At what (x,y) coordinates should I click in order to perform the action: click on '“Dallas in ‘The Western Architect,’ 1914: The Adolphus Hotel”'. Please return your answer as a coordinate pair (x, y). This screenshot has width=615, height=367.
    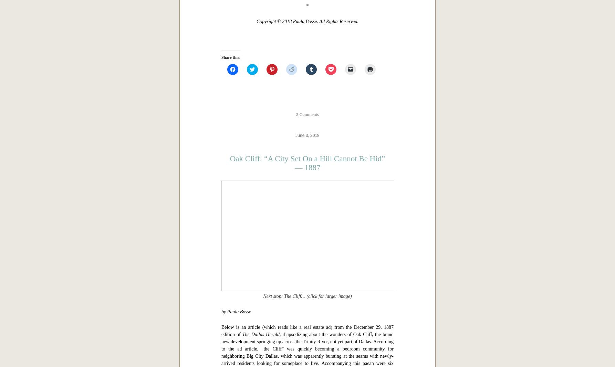
    Looking at the image, I should click on (293, 190).